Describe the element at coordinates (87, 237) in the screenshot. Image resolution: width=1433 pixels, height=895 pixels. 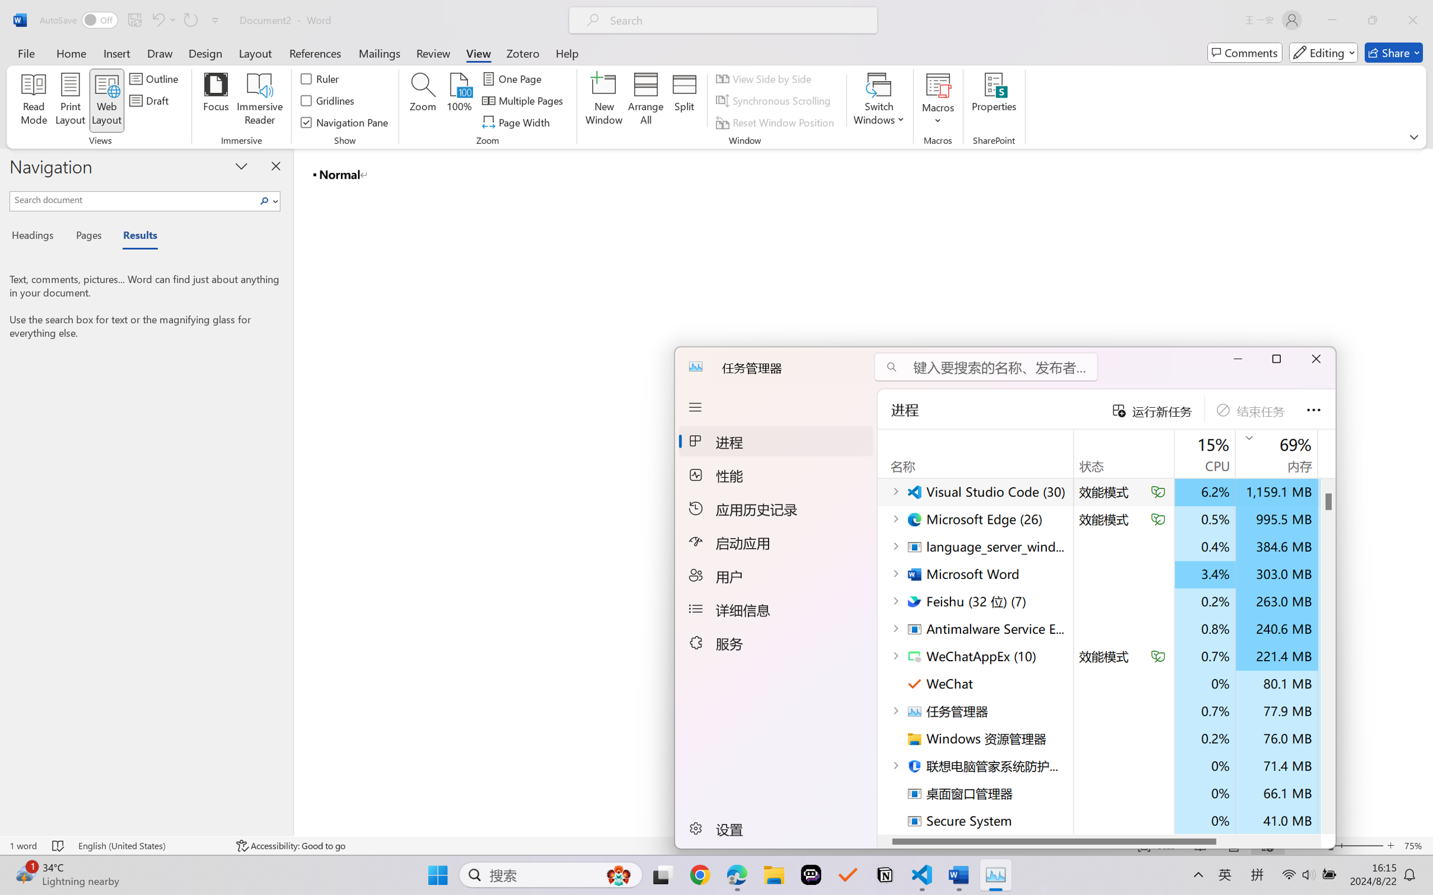
I see `'Pages'` at that location.